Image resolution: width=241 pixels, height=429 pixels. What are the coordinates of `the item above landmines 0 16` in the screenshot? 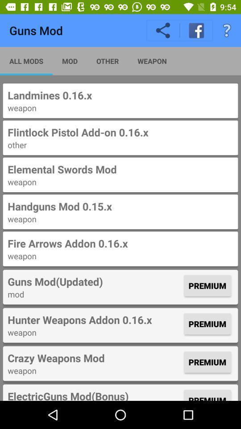 It's located at (227, 30).